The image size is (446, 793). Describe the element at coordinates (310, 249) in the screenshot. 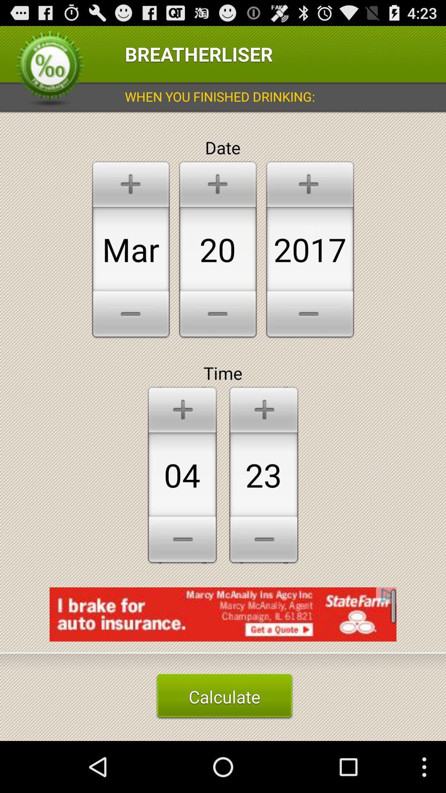

I see `the number right side of 20` at that location.